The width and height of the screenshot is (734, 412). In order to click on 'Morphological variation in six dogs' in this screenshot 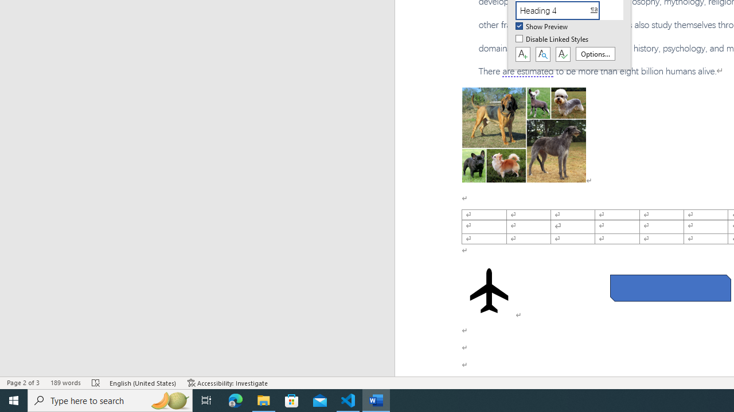, I will do `click(523, 134)`.